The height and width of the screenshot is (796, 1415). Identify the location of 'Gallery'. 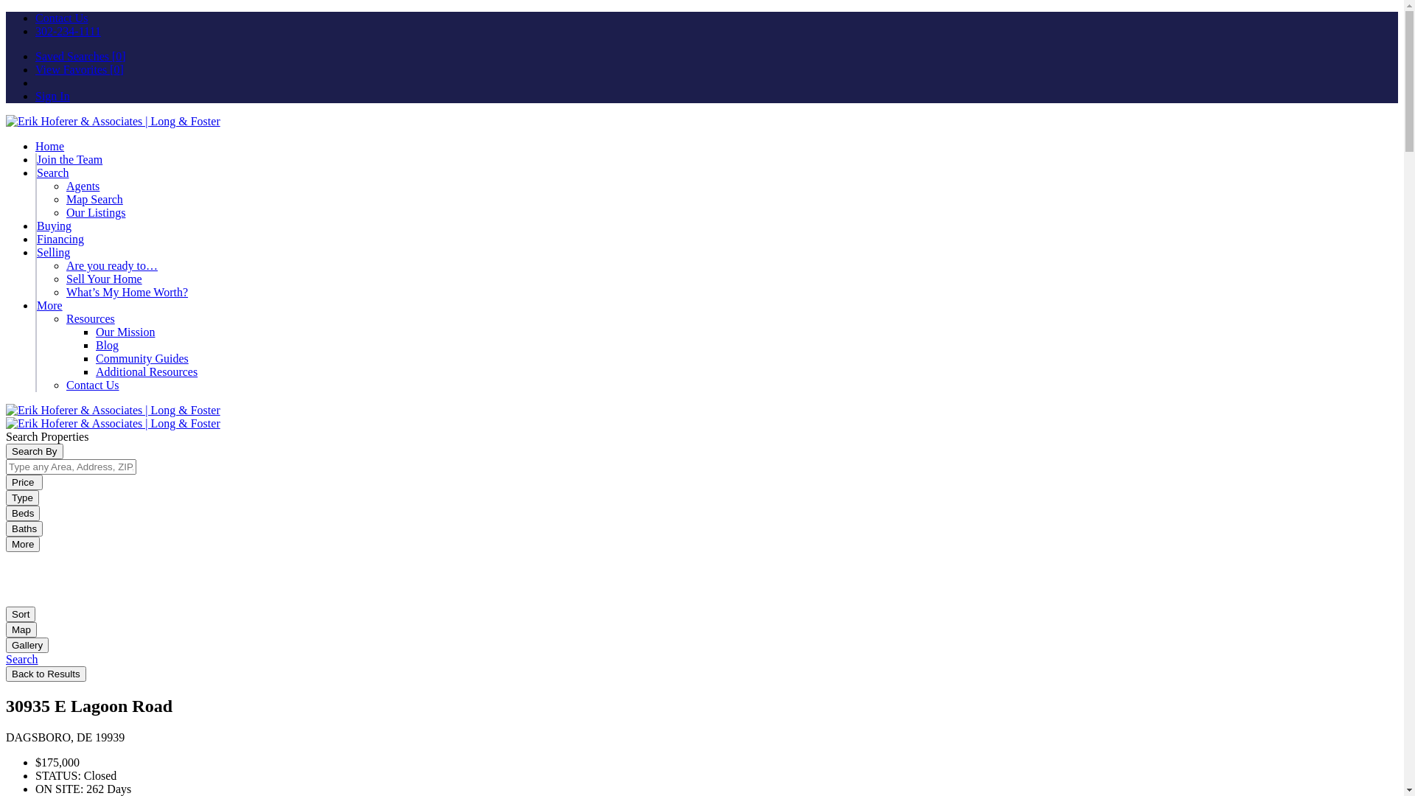
(27, 643).